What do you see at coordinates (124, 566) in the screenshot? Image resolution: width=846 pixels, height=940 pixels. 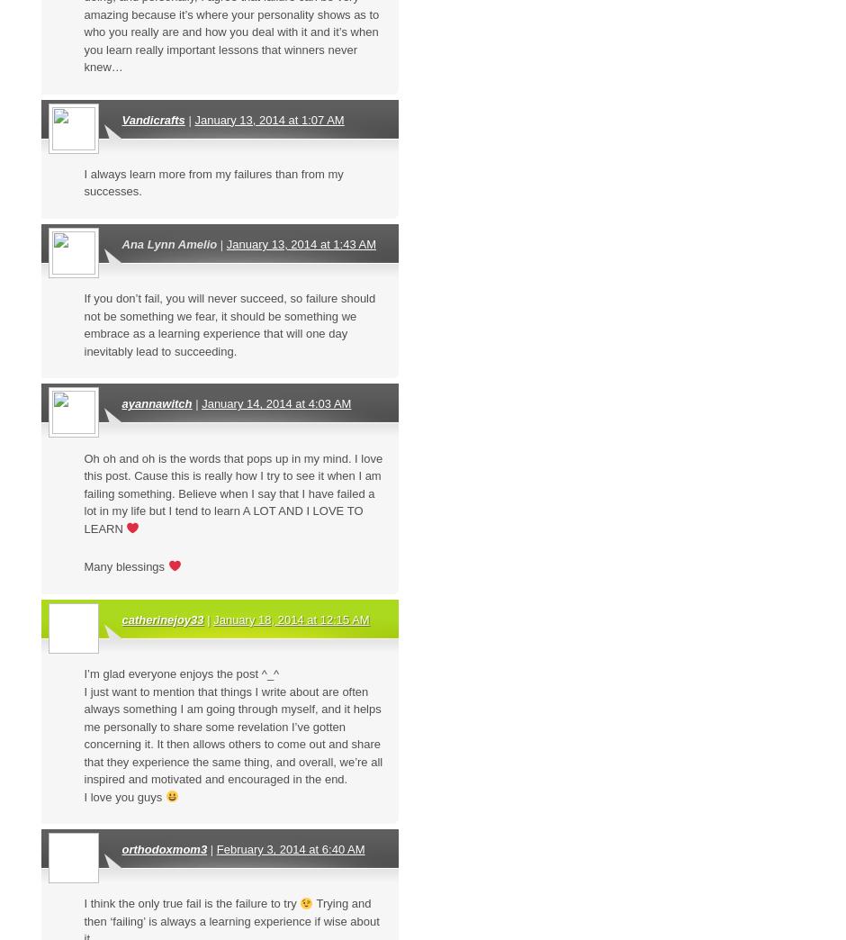 I see `'Many blessings'` at bounding box center [124, 566].